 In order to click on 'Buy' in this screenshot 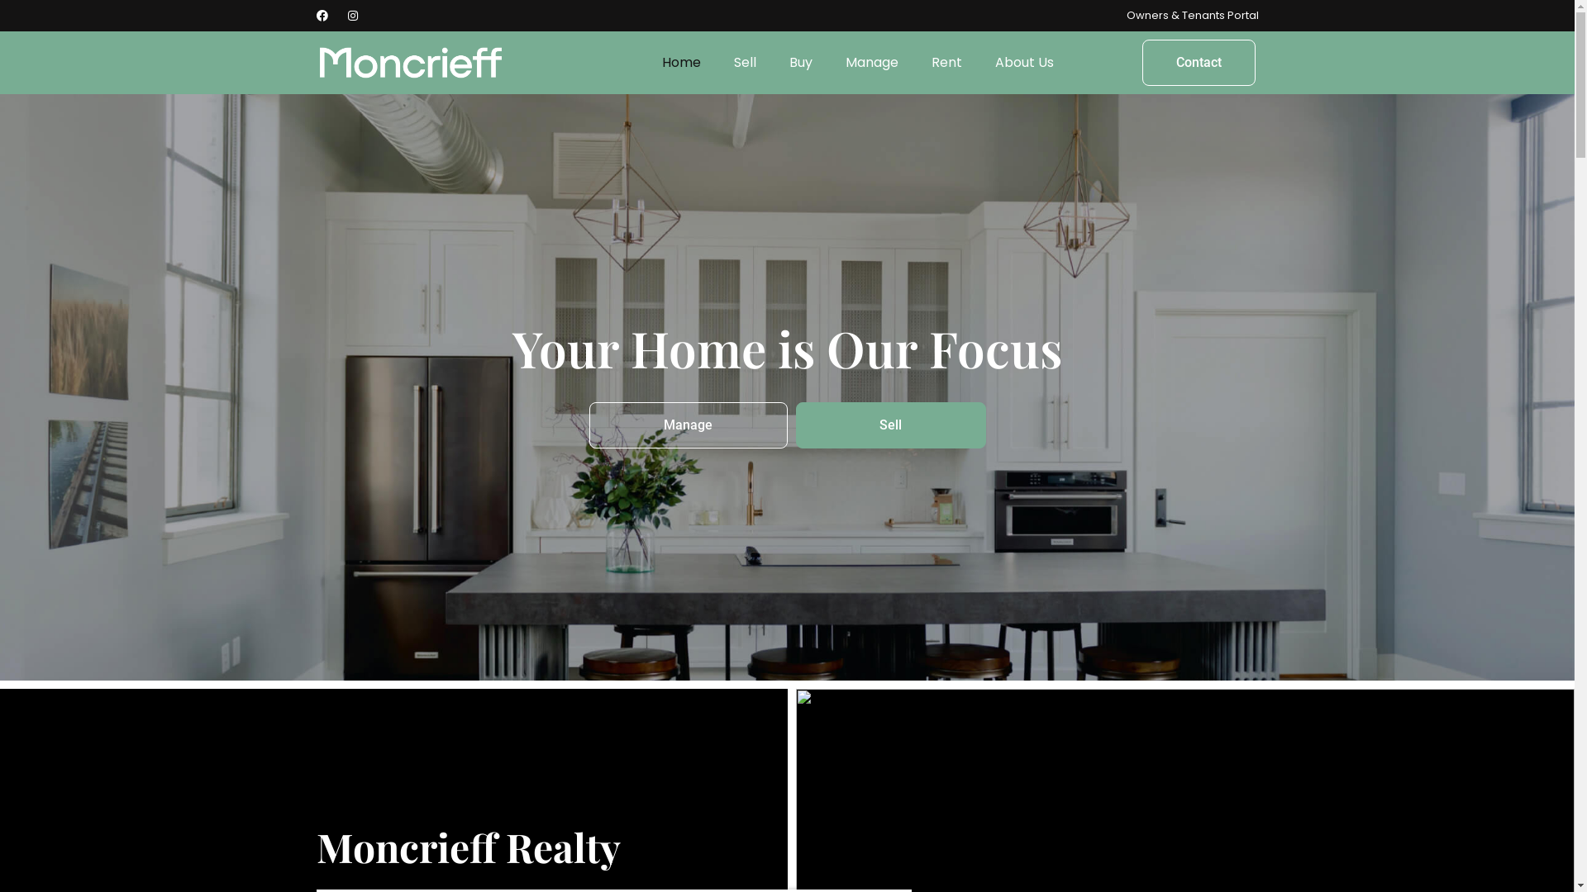, I will do `click(800, 62)`.